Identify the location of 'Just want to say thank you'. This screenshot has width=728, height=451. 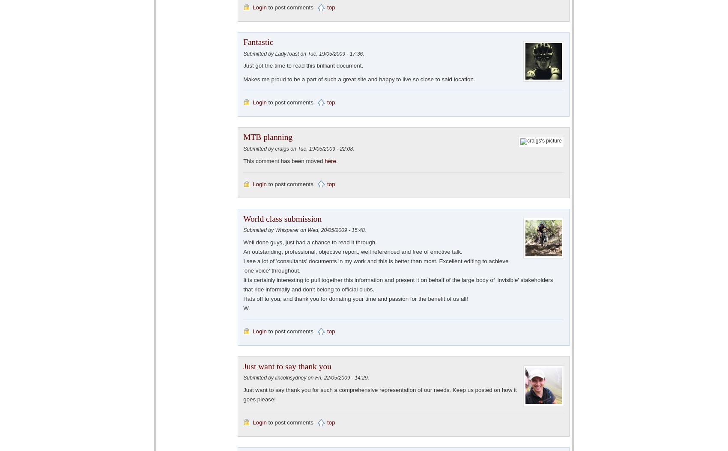
(242, 366).